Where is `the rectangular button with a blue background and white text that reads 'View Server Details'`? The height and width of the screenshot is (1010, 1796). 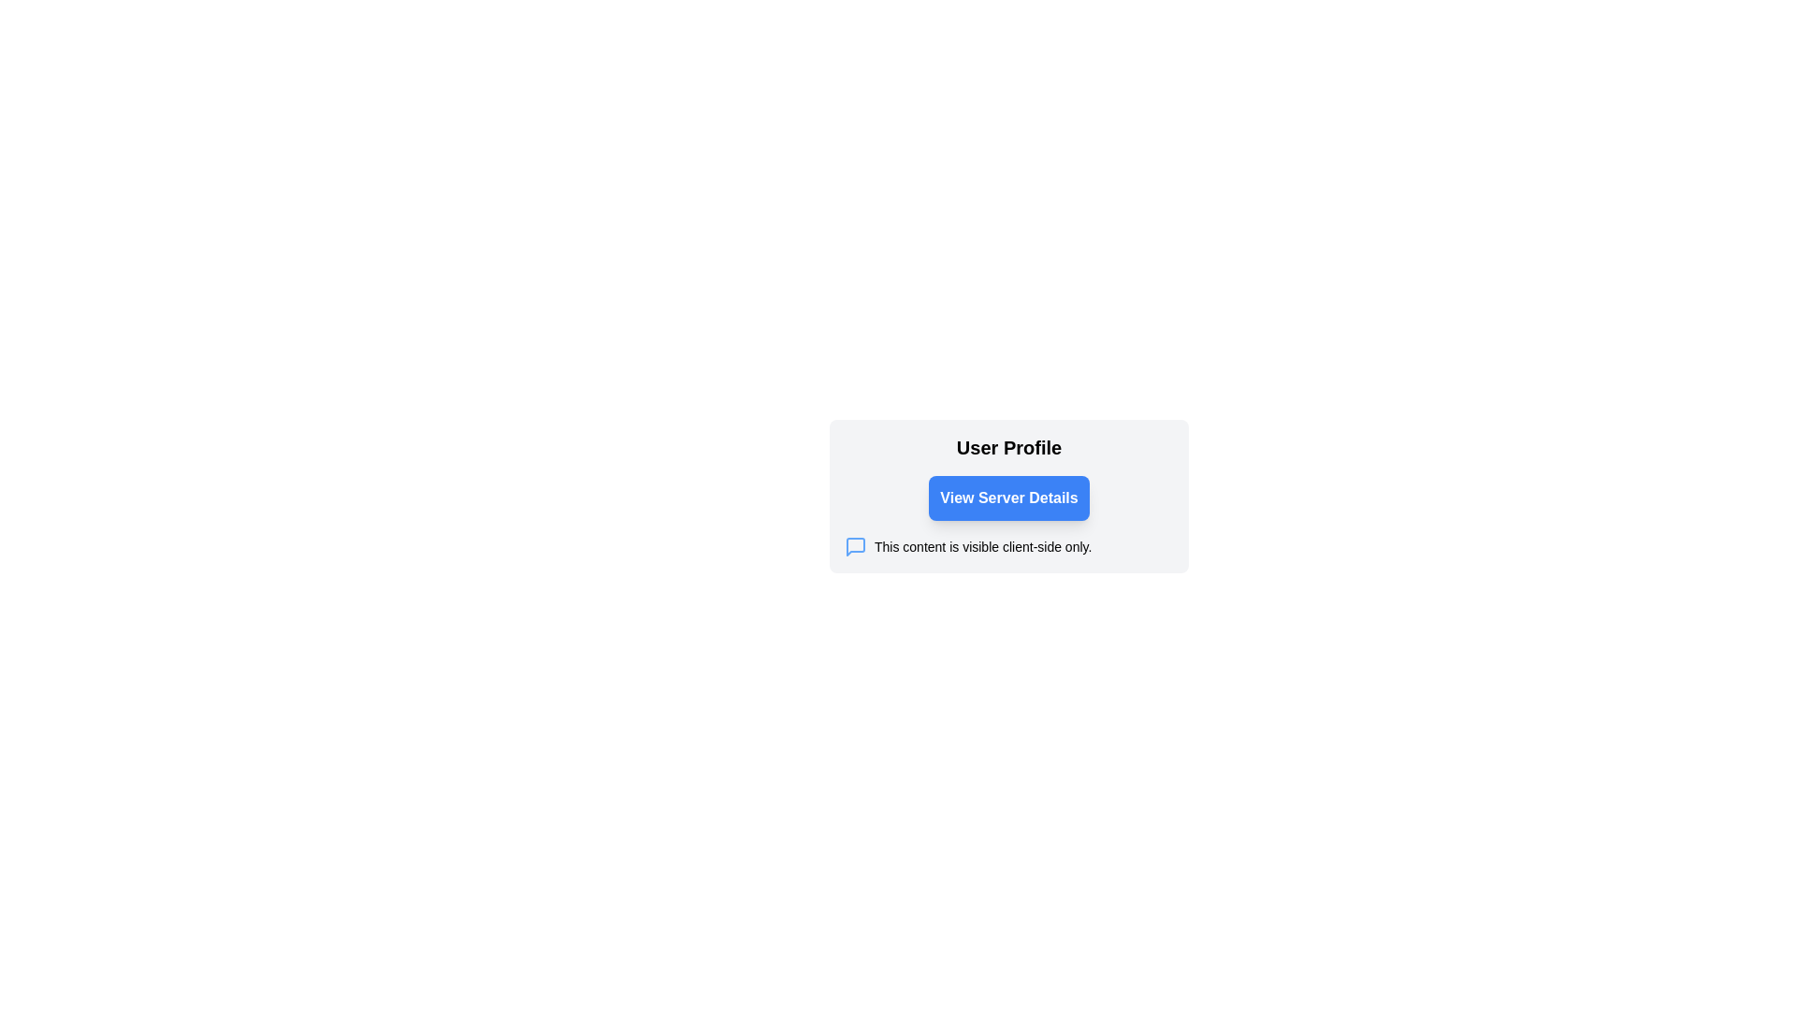 the rectangular button with a blue background and white text that reads 'View Server Details' is located at coordinates (1008, 497).